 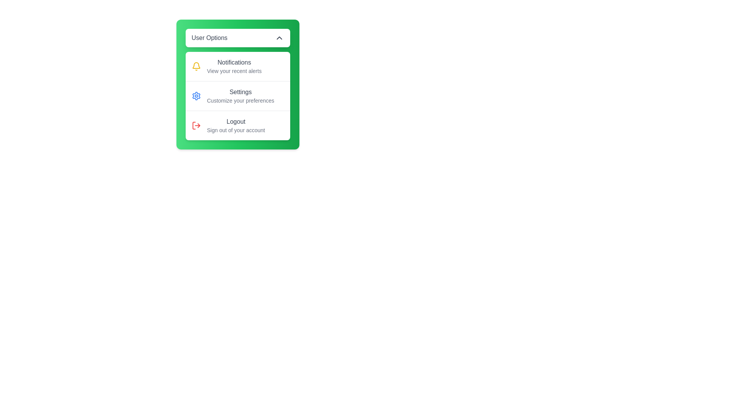 I want to click on the 'Notifications' clickable menu item, which features a yellow bell icon followed by the text 'Notifications' in bold and 'View your recent alerts' in lighter text, located in the user options dropdown, so click(x=237, y=66).